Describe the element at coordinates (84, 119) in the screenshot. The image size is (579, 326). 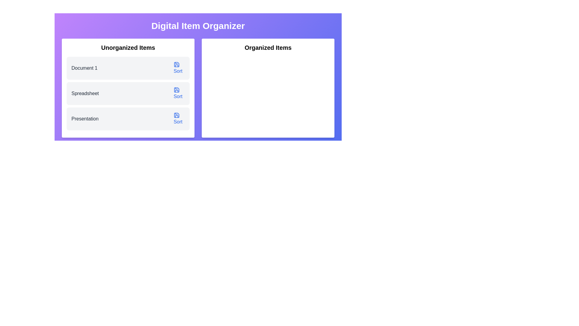
I see `the static text label displaying the title 'Presentation', which is the third entry in the 'Unorganized Items' section` at that location.